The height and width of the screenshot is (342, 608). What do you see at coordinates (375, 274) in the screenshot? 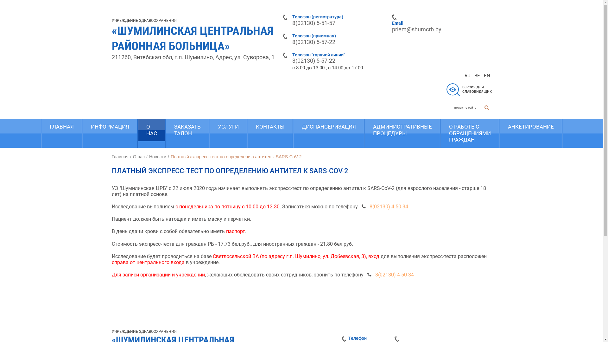
I see `'8(02130) 4-50-34'` at bounding box center [375, 274].